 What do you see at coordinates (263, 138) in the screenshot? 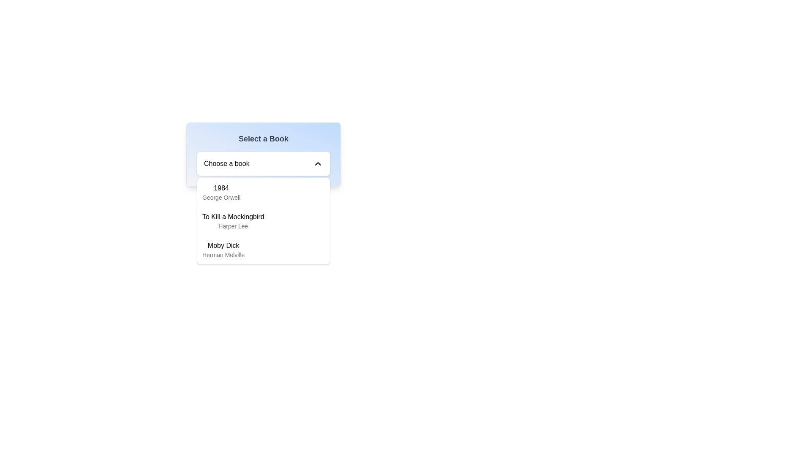
I see `the centered, bold, large-sized gray text label that states 'Select a Book', located at the top section of a card-like interface component` at bounding box center [263, 138].